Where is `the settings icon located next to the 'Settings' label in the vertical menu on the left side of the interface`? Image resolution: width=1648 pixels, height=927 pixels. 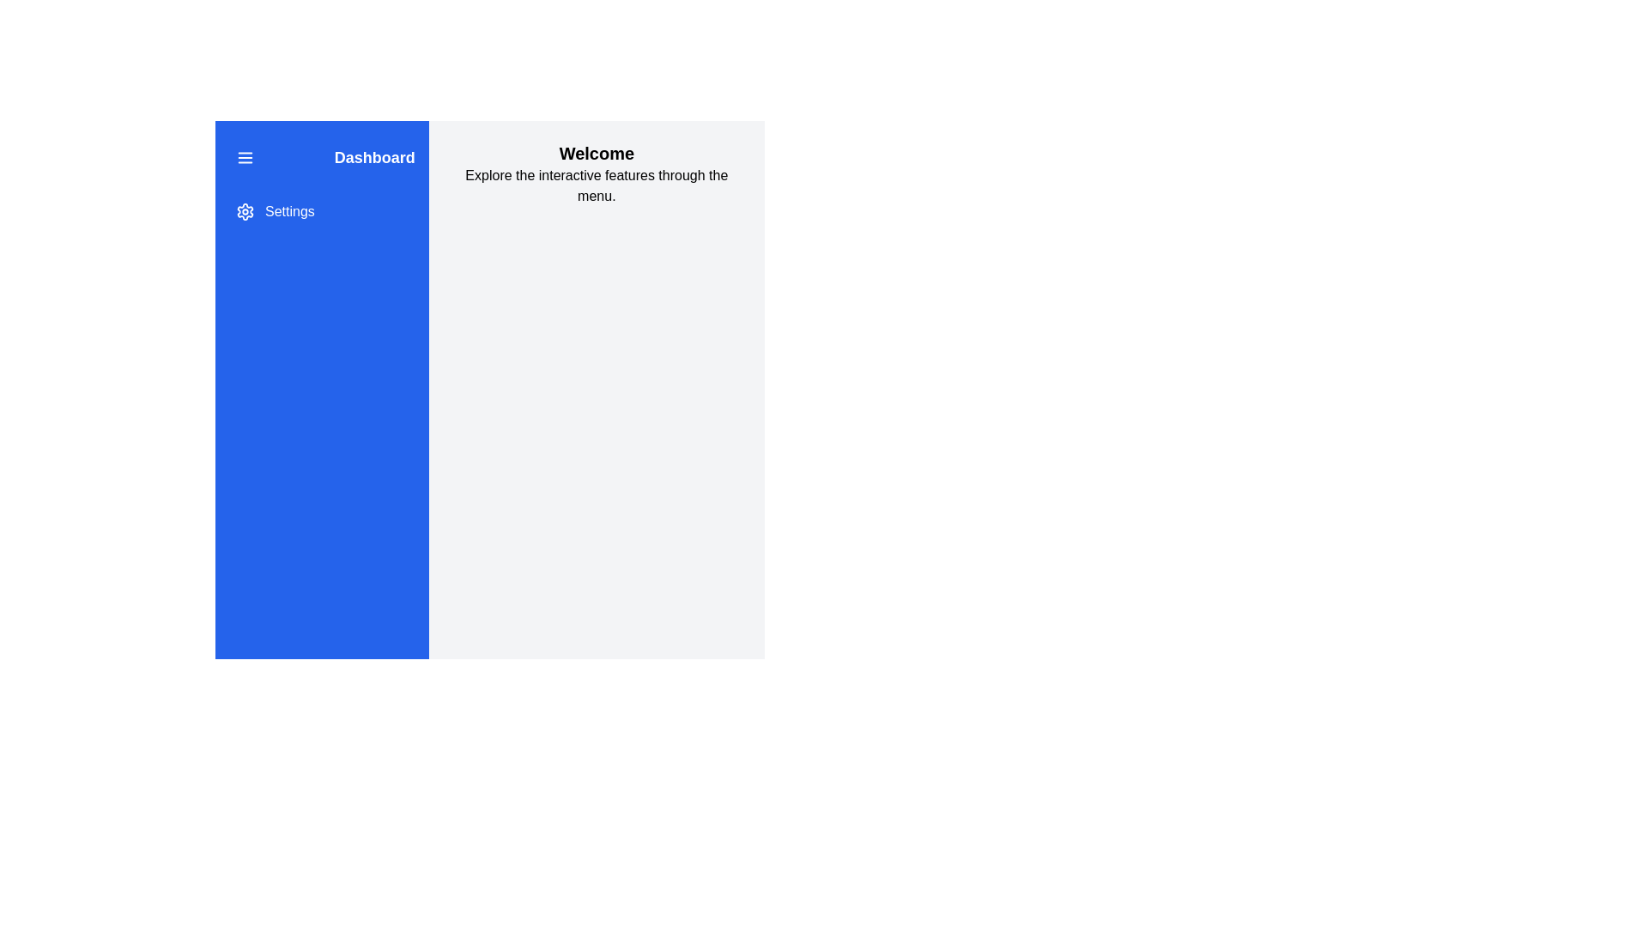 the settings icon located next to the 'Settings' label in the vertical menu on the left side of the interface is located at coordinates (245, 210).